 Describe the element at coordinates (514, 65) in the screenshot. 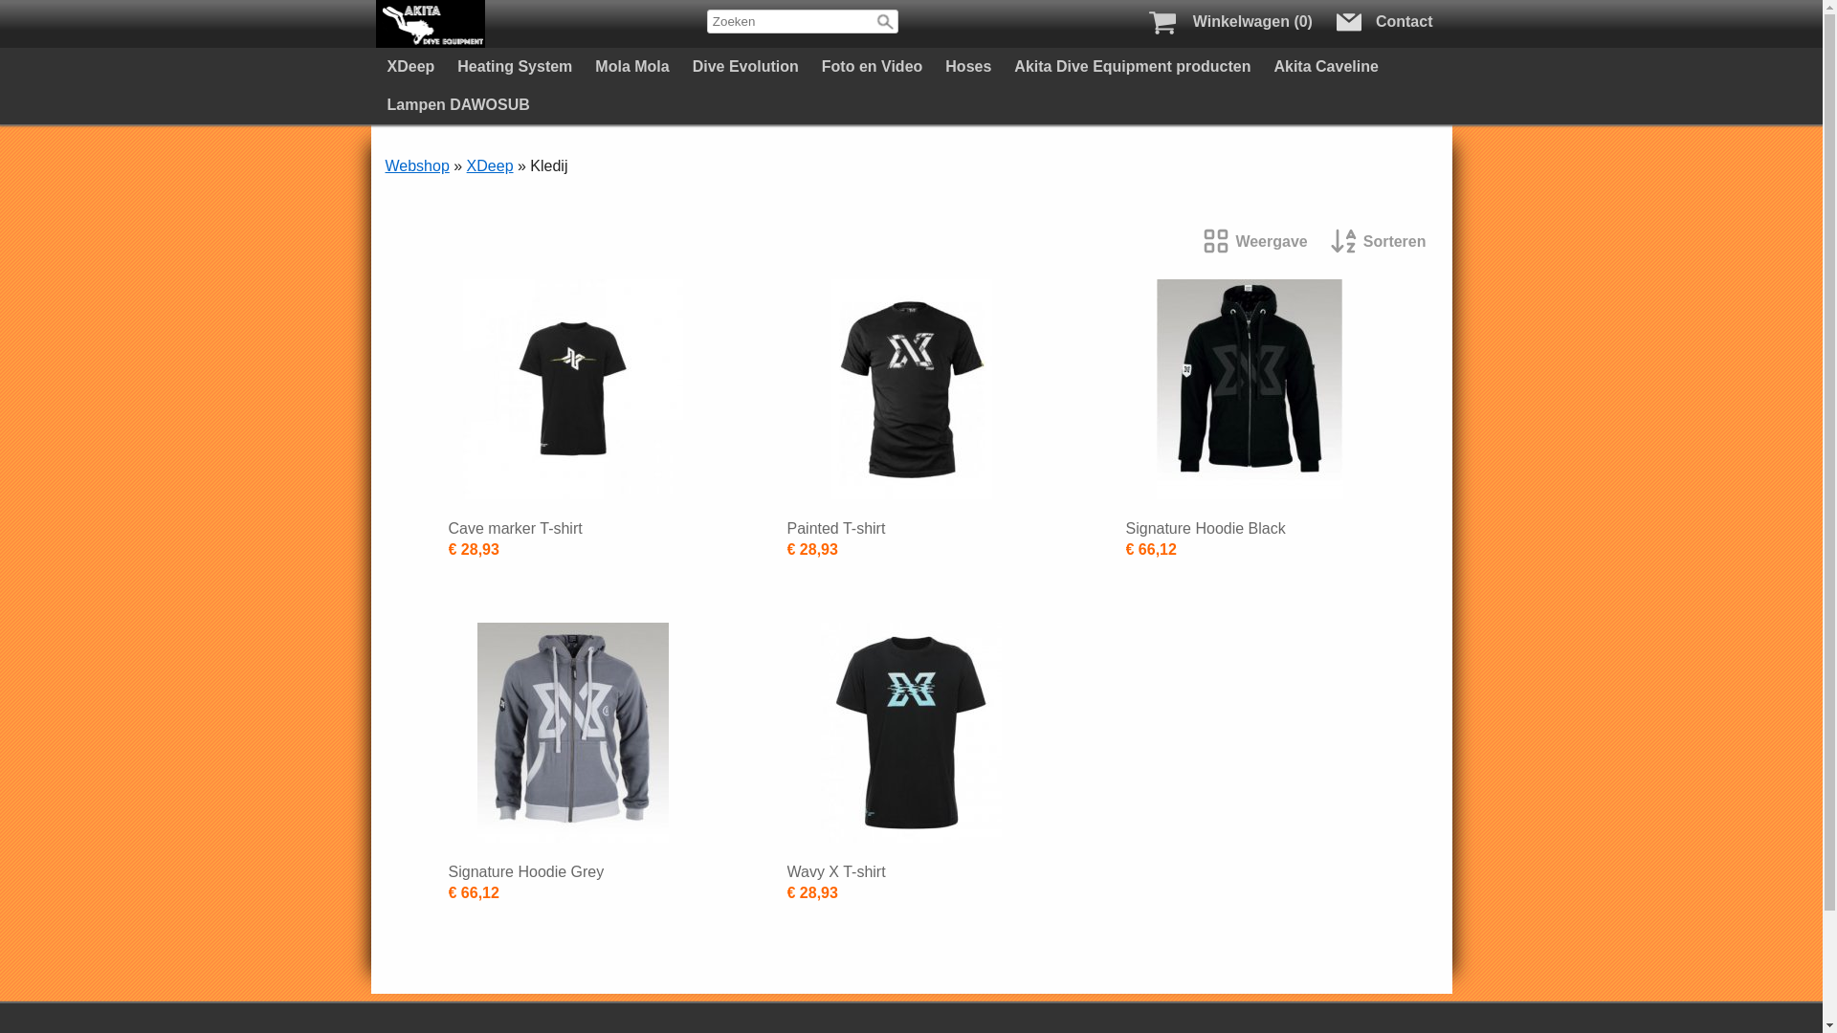

I see `'Heating System'` at that location.